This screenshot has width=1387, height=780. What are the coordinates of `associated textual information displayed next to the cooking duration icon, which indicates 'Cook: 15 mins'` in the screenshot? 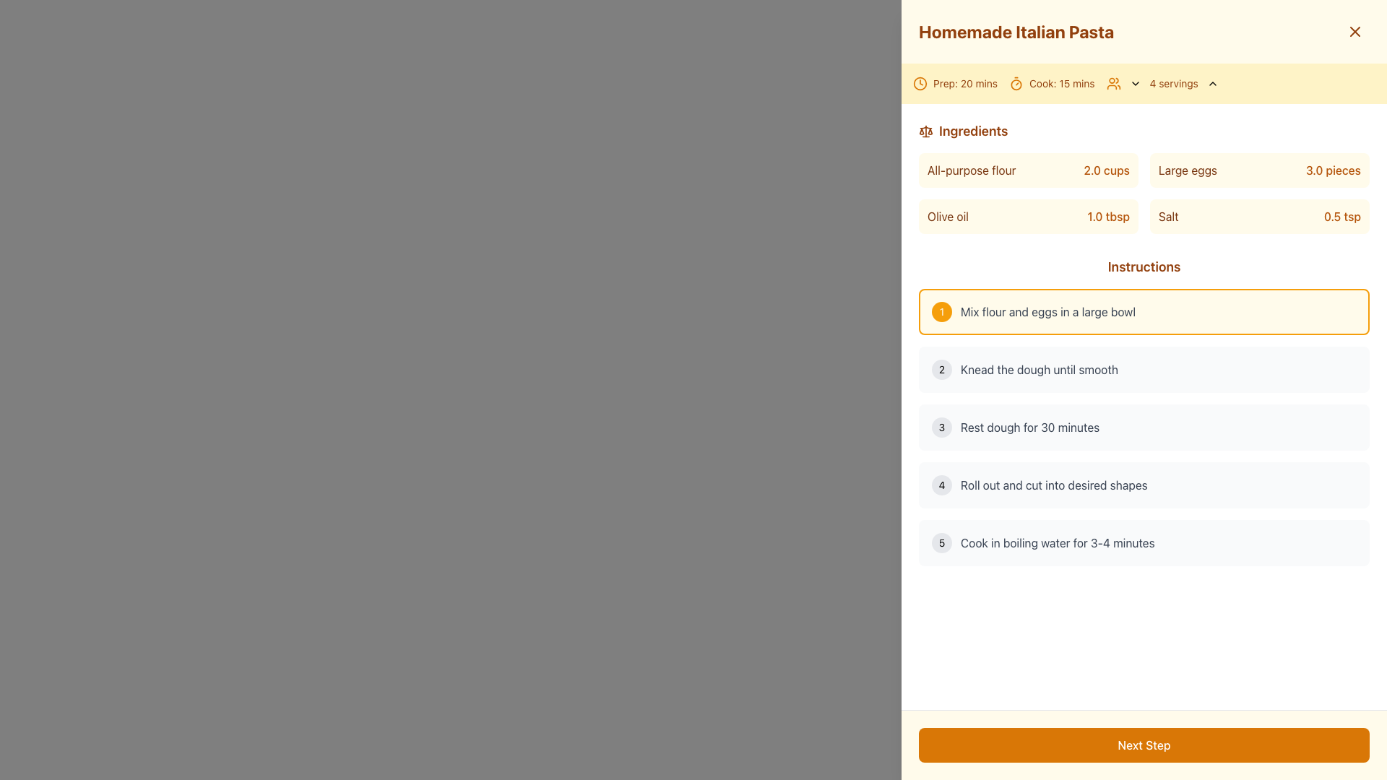 It's located at (1015, 83).